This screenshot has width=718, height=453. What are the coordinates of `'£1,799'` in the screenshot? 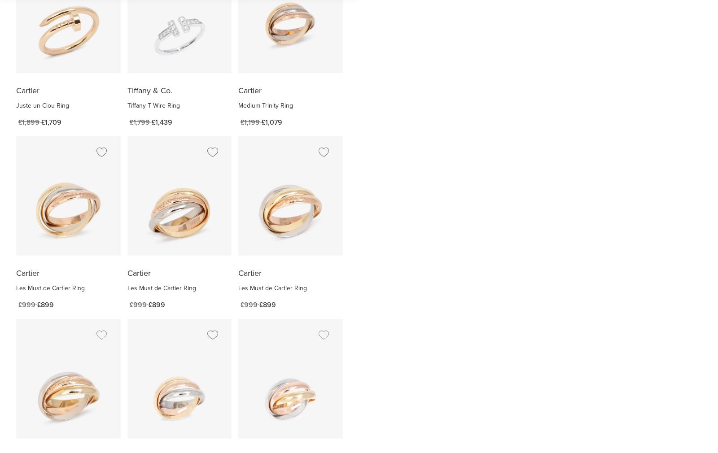 It's located at (139, 122).